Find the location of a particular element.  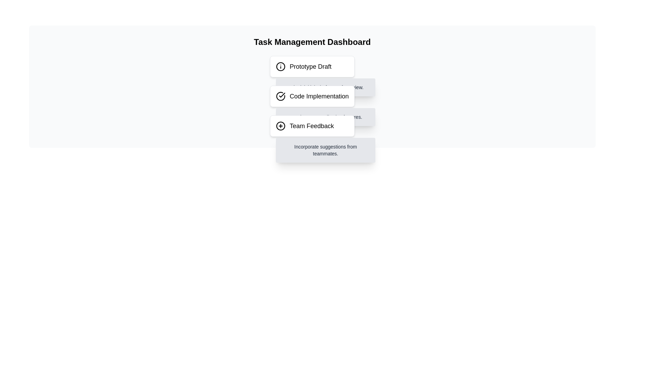

the circular icon with a plus sign located to the left of the text 'Team Feedback' in the third card down in the vertical stack of cards is located at coordinates (280, 126).